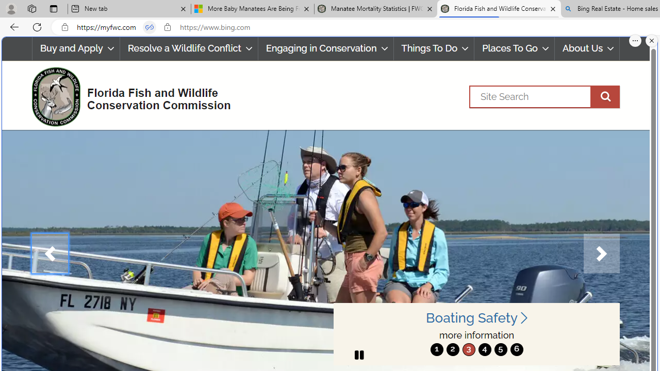  Describe the element at coordinates (375, 9) in the screenshot. I see `'Manatee Mortality Statistics | FWC'` at that location.